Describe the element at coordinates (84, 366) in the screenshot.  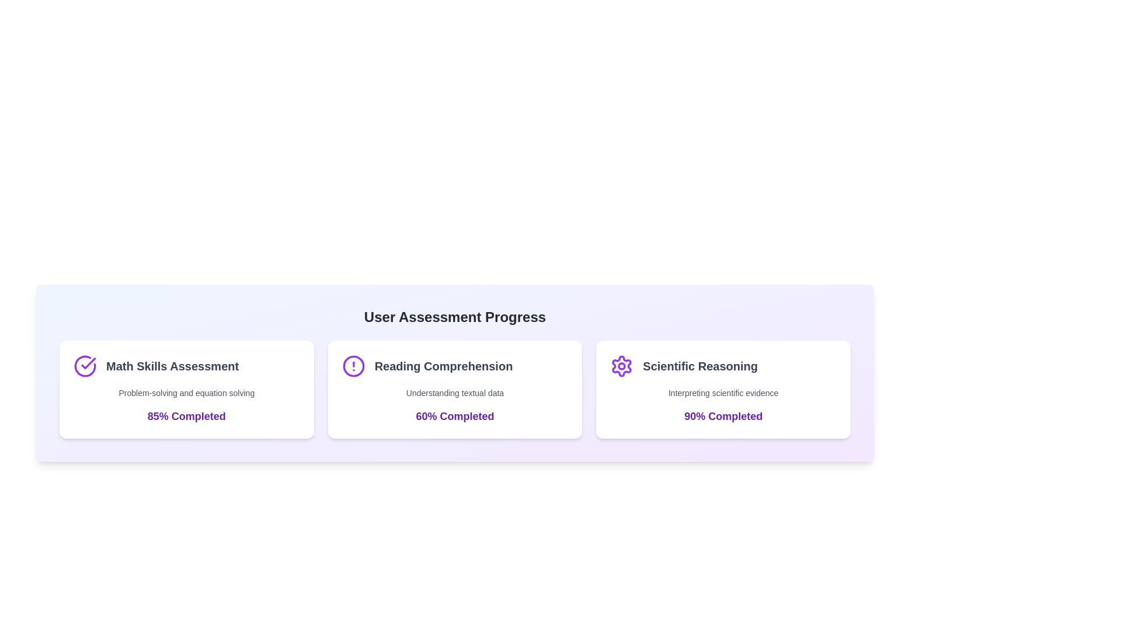
I see `the circular purple checkmark icon located to the left of the 'Math Skills Assessment' heading` at that location.